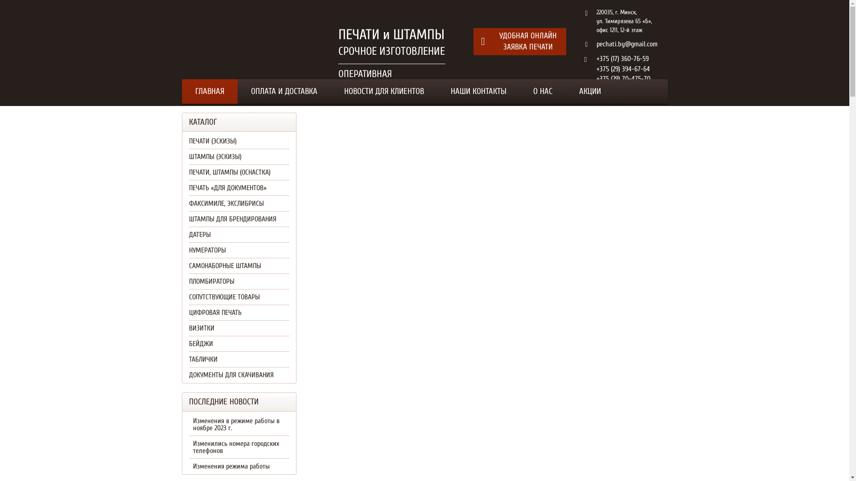 Image resolution: width=856 pixels, height=481 pixels. I want to click on 'pechati.by@gmail.com', so click(597, 44).